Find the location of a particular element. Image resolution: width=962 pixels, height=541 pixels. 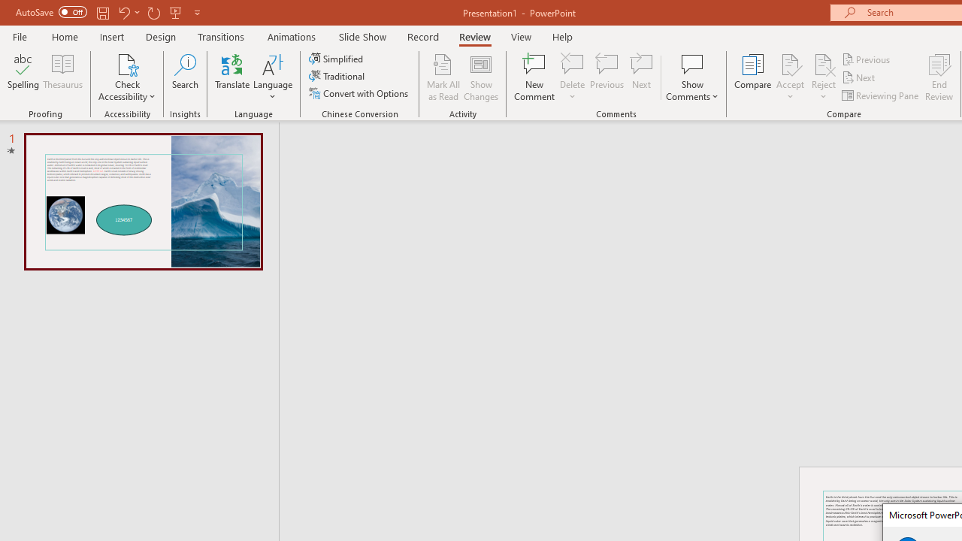

'Language' is located at coordinates (273, 77).